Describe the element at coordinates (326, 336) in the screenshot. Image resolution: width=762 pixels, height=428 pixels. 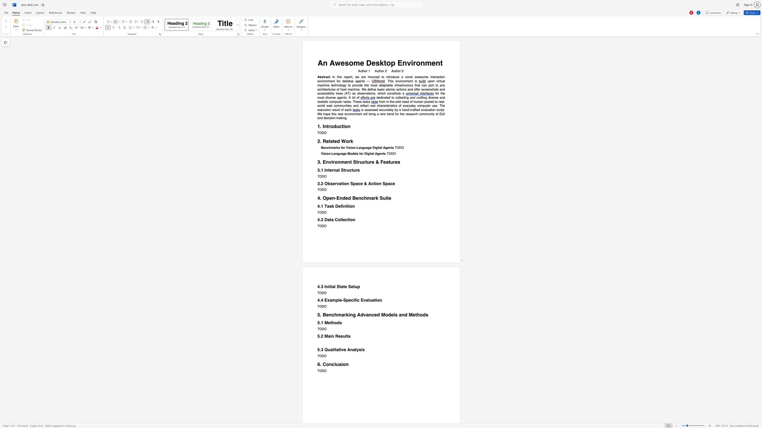
I see `the 1th character "M" in the text` at that location.